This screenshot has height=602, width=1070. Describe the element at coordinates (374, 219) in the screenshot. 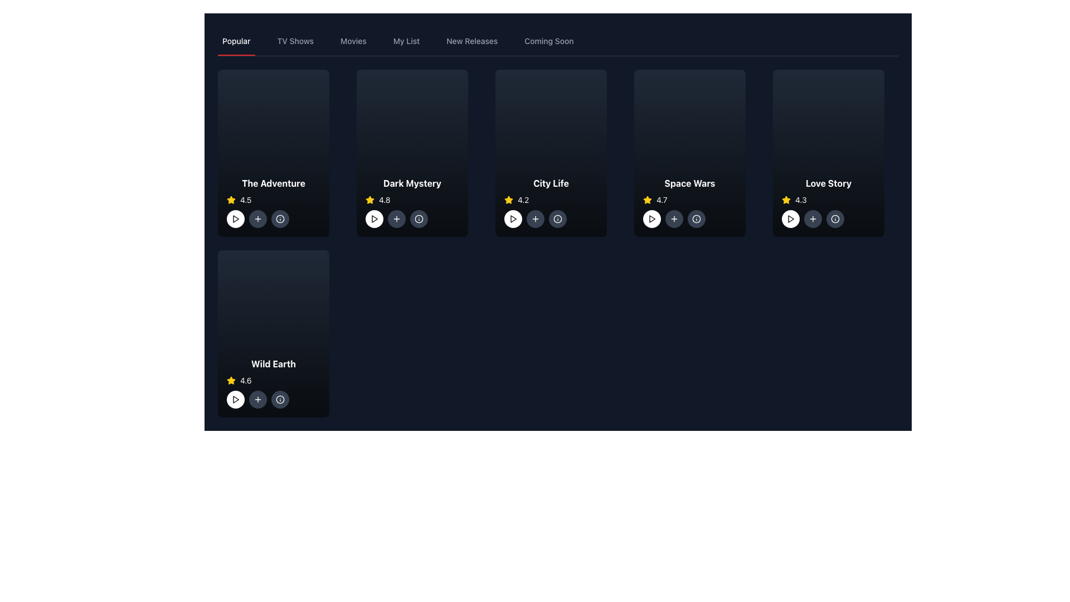

I see `the play button represented as a triangular SVG icon within the 'Dark Mystery' content card` at that location.